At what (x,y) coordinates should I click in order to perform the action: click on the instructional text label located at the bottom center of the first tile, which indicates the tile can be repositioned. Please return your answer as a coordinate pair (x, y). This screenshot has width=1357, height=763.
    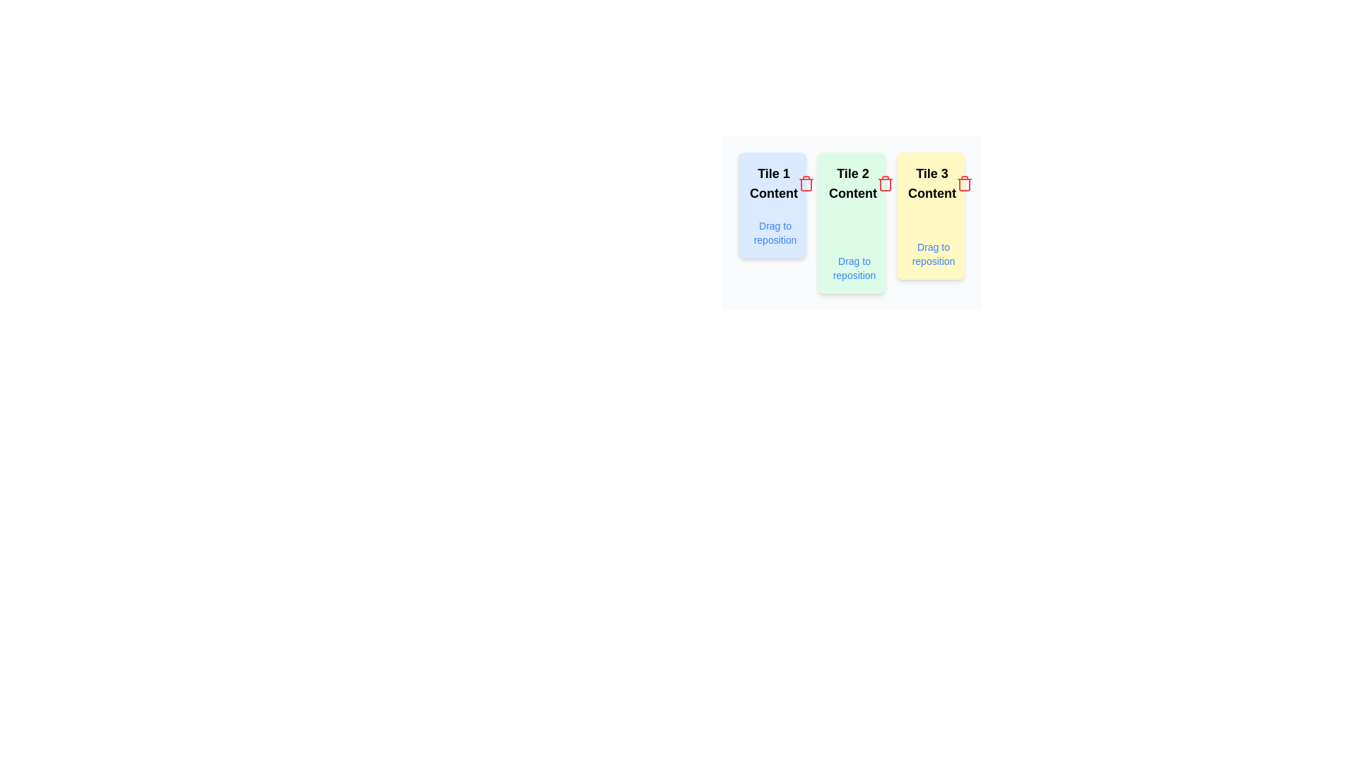
    Looking at the image, I should click on (775, 232).